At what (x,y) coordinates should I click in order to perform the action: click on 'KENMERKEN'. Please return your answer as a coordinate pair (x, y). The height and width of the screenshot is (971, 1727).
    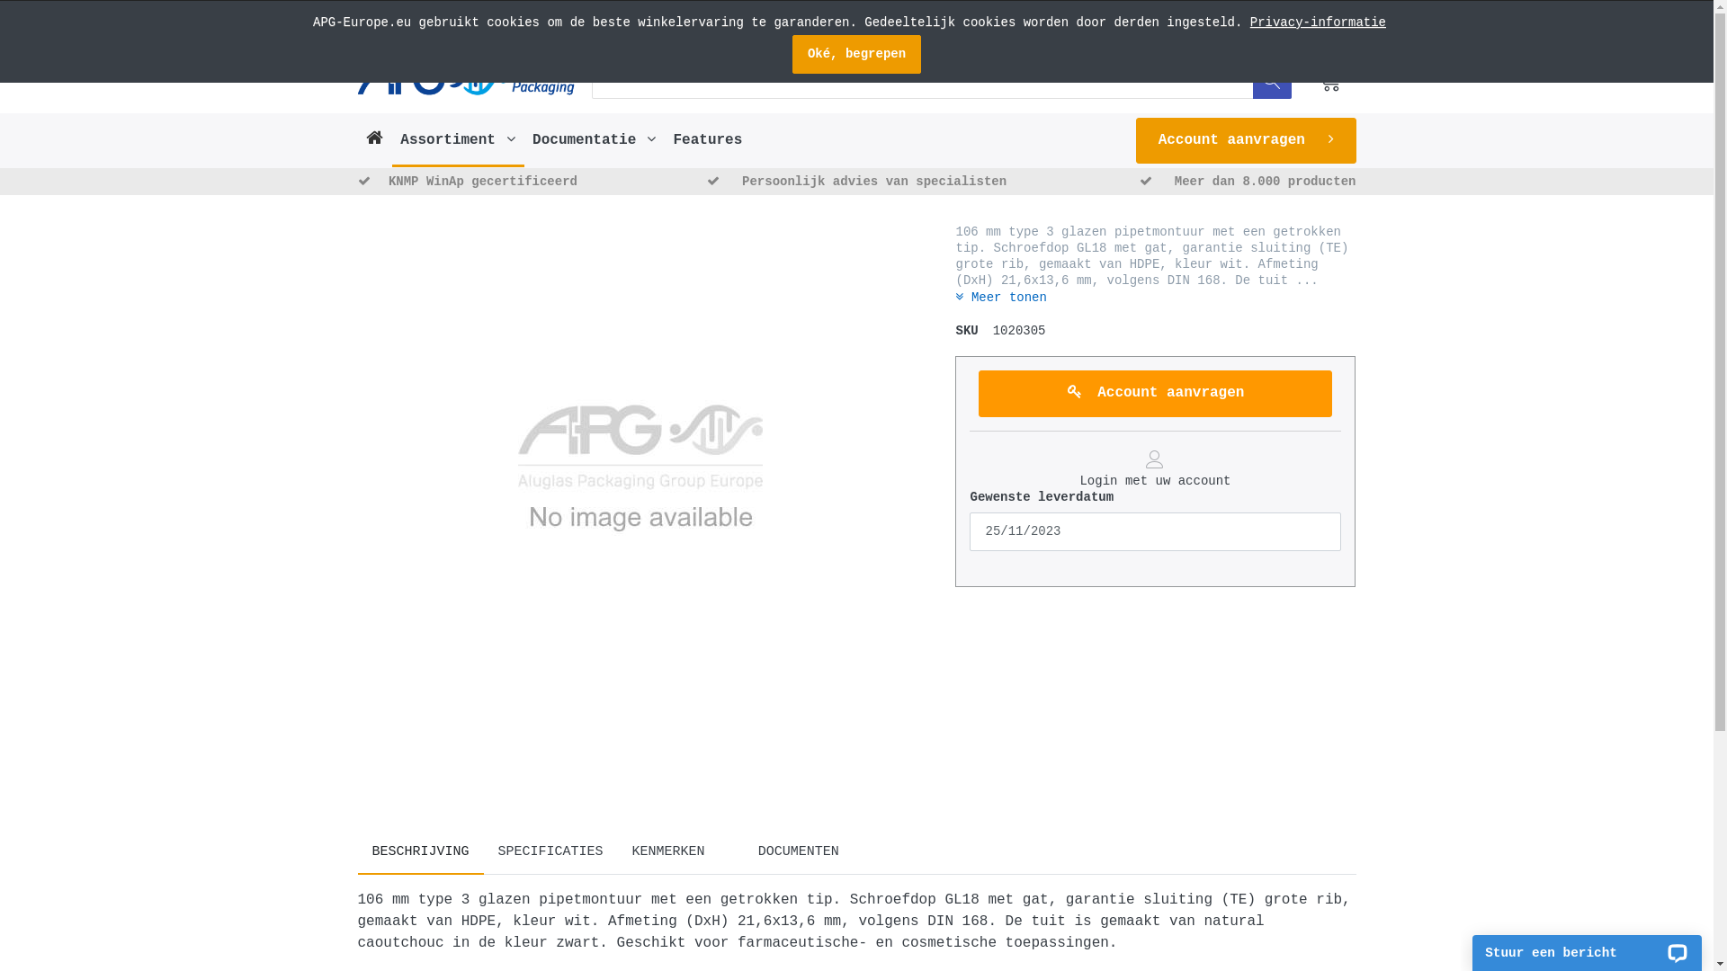
    Looking at the image, I should click on (617, 851).